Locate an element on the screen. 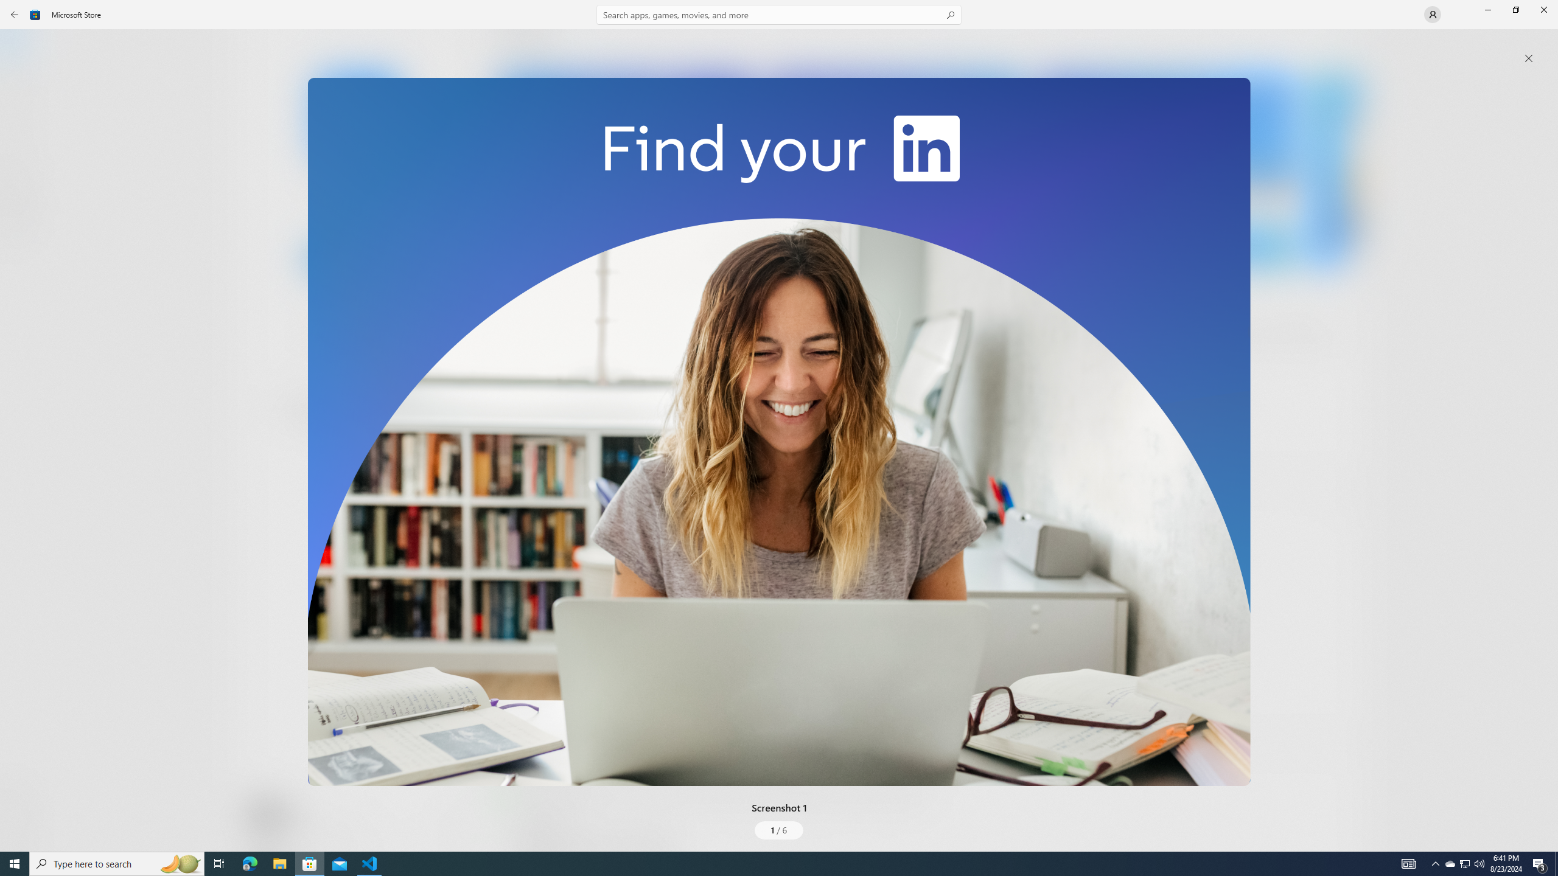  'Search' is located at coordinates (779, 14).